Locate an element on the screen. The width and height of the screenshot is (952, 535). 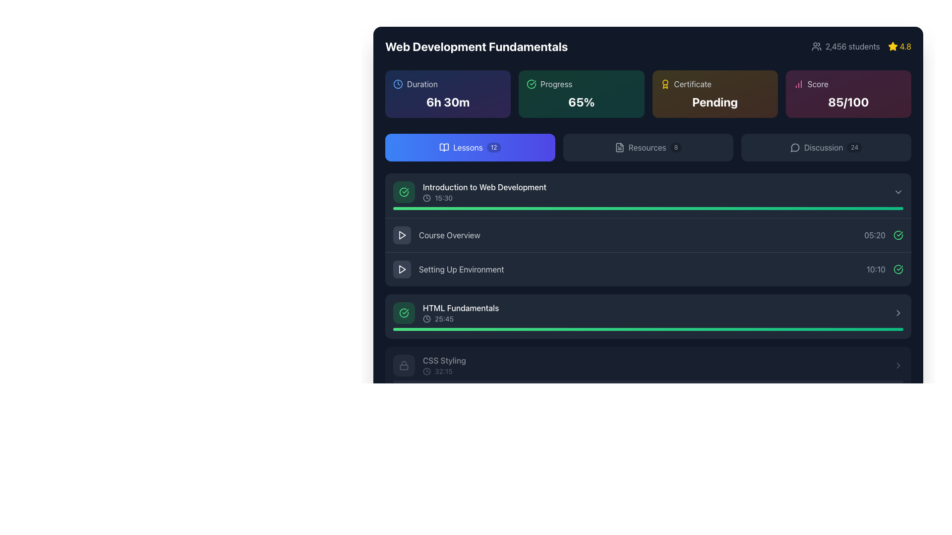
the first list item titled 'Introduction to Web Development' is located at coordinates (648, 195).